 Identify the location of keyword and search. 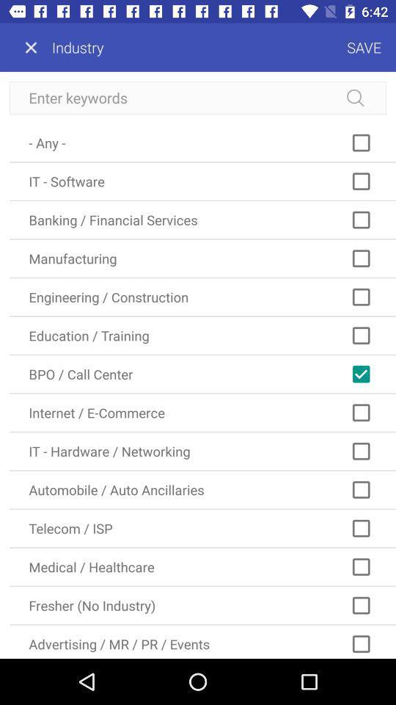
(198, 97).